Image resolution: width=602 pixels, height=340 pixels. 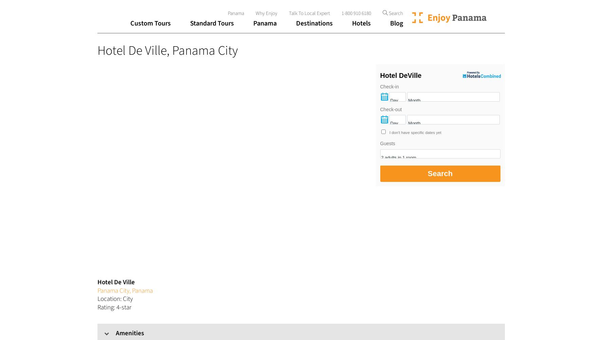 I want to click on 'Activities', so click(x=271, y=45).